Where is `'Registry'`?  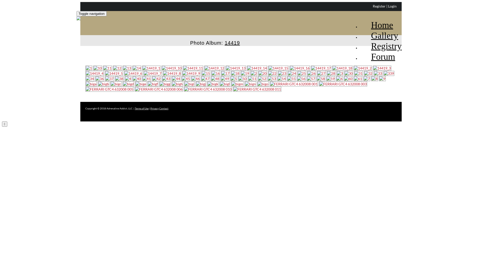
'Registry' is located at coordinates (381, 41).